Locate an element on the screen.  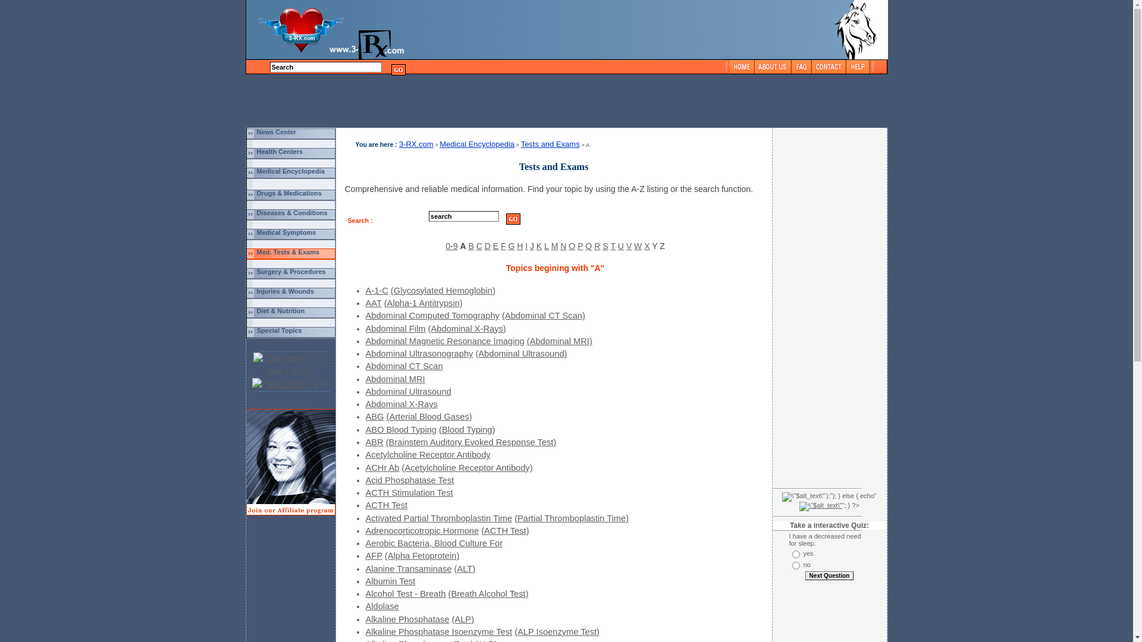
'News Center' is located at coordinates (276, 132).